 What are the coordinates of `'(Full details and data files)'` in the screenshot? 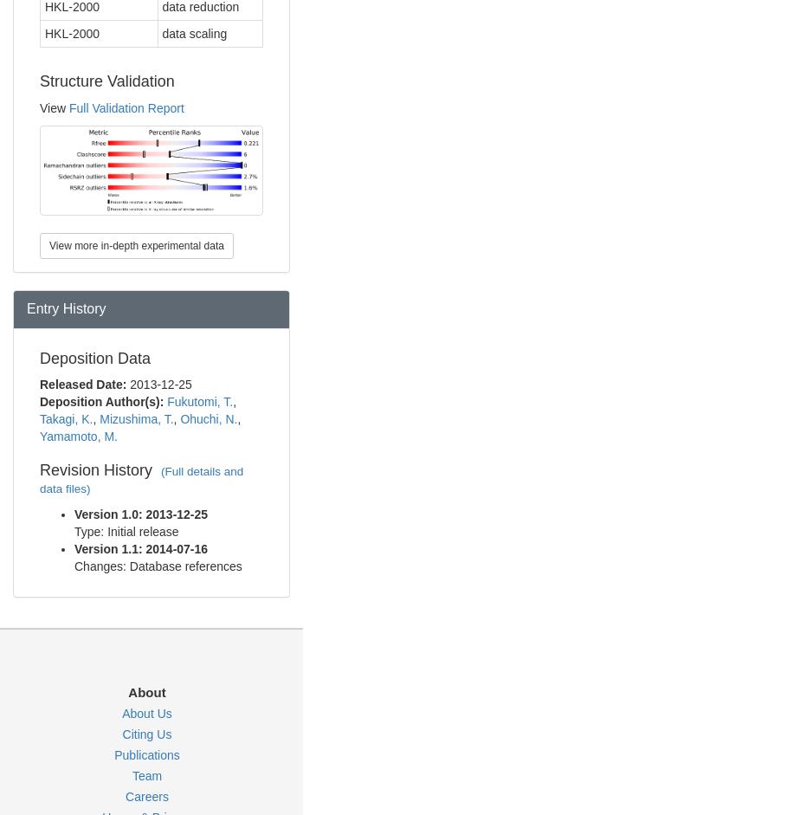 It's located at (141, 480).